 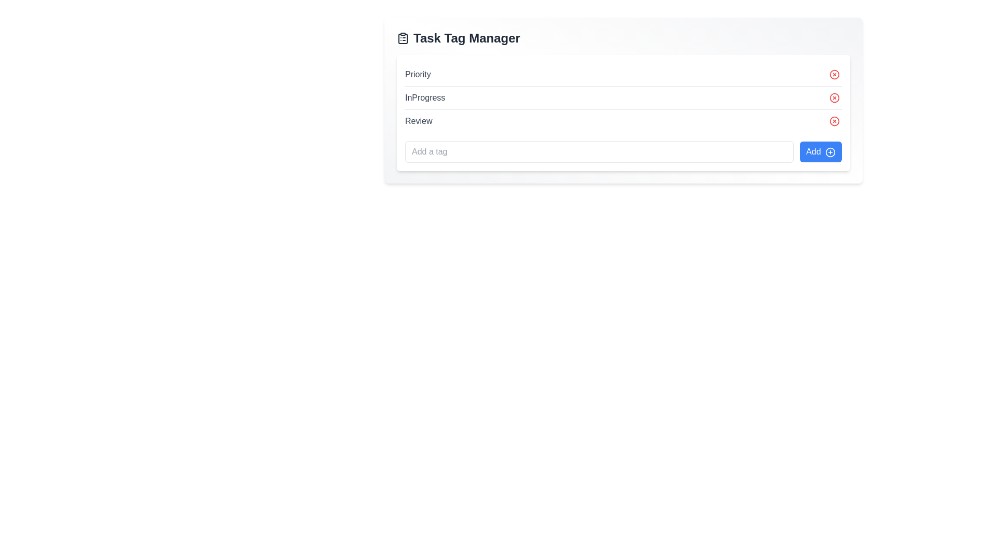 What do you see at coordinates (834, 121) in the screenshot?
I see `the delete button located to the top-right of the 'Review' label in the third row of the list` at bounding box center [834, 121].